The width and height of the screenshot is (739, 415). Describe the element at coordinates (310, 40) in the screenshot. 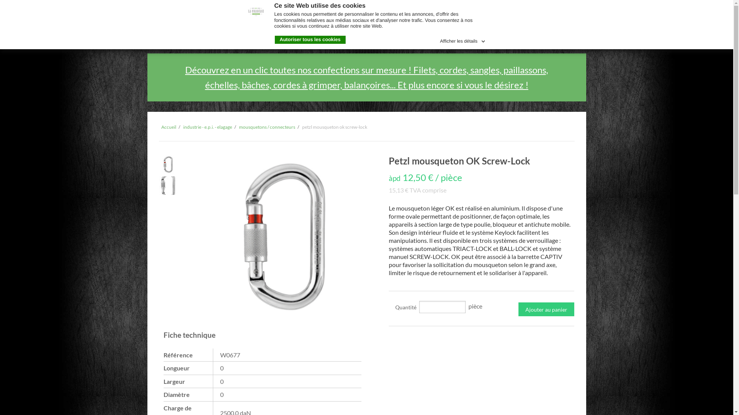

I see `'Autoriser tous les cookies'` at that location.